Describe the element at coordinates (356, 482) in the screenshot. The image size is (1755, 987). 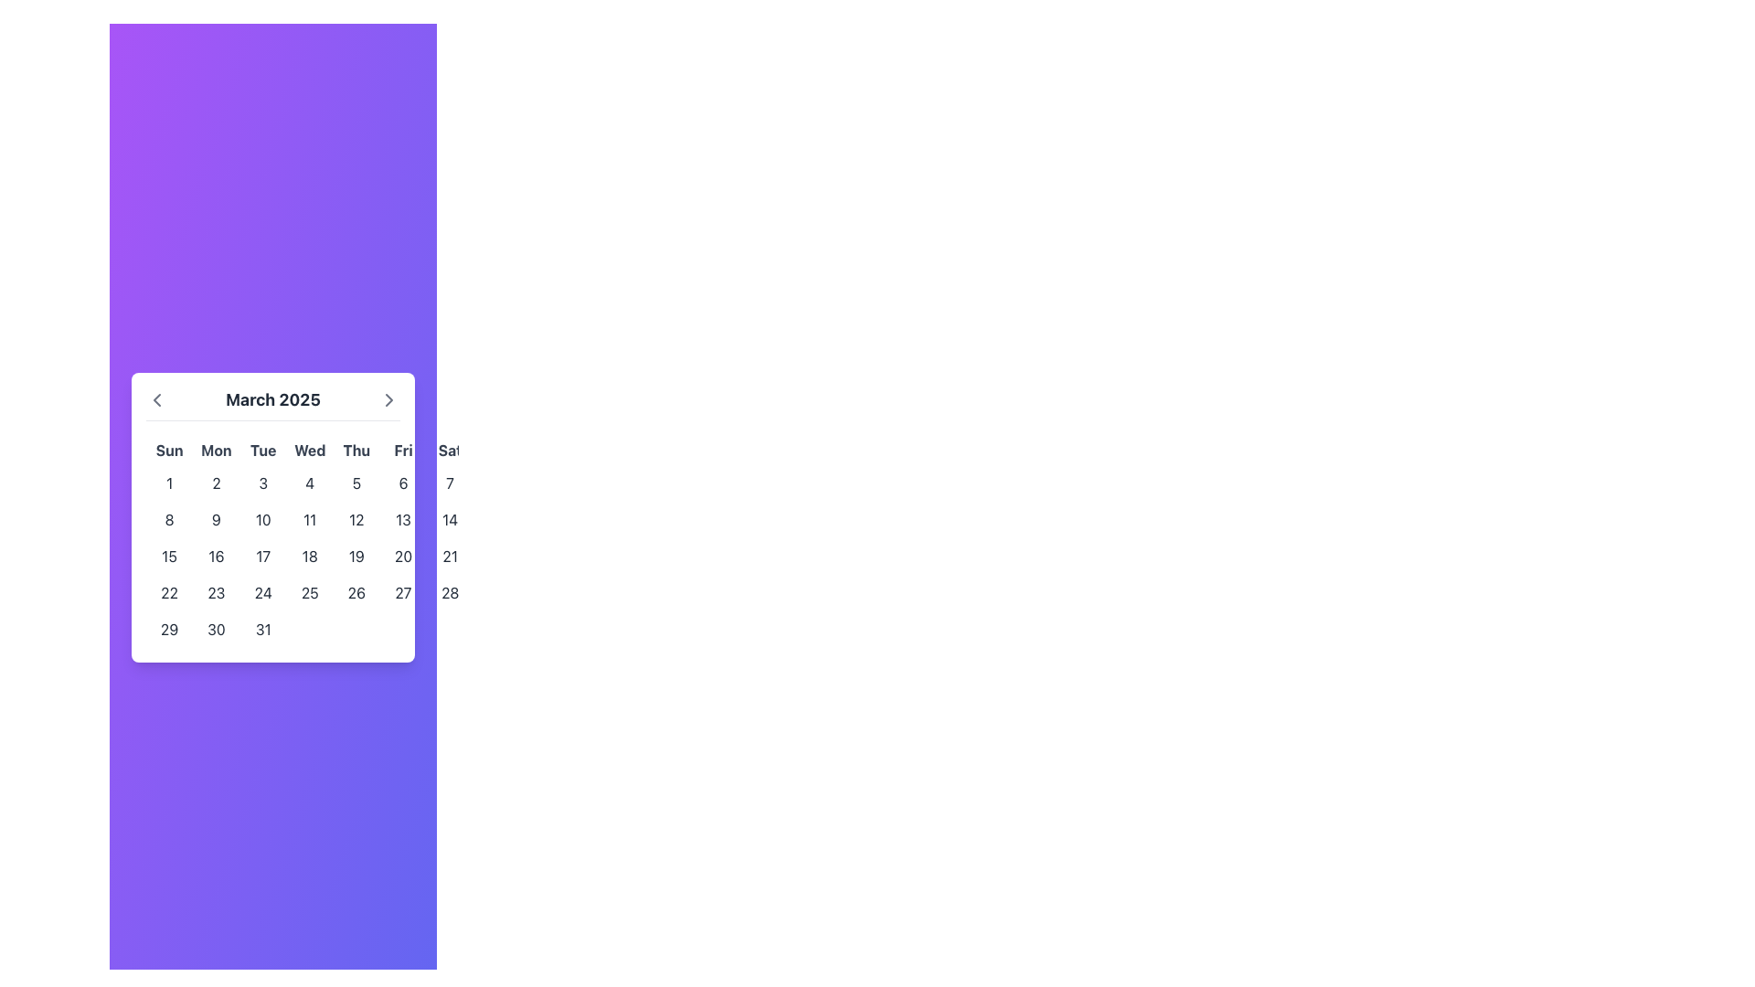
I see `the text label displaying the number '5'` at that location.